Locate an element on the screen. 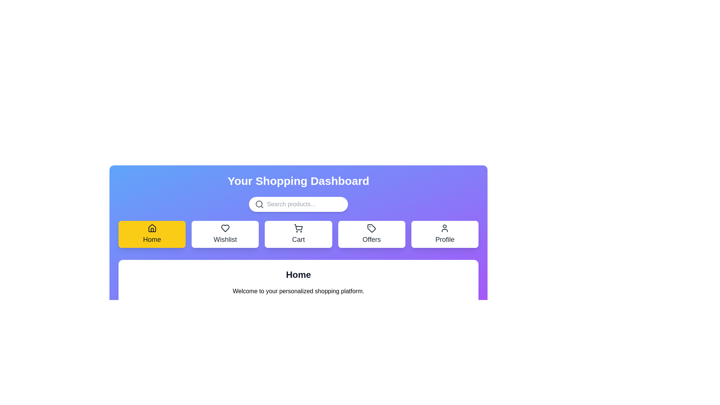 The height and width of the screenshot is (405, 720). the 'Home' button containing the house icon, which is is located at coordinates (151, 228).